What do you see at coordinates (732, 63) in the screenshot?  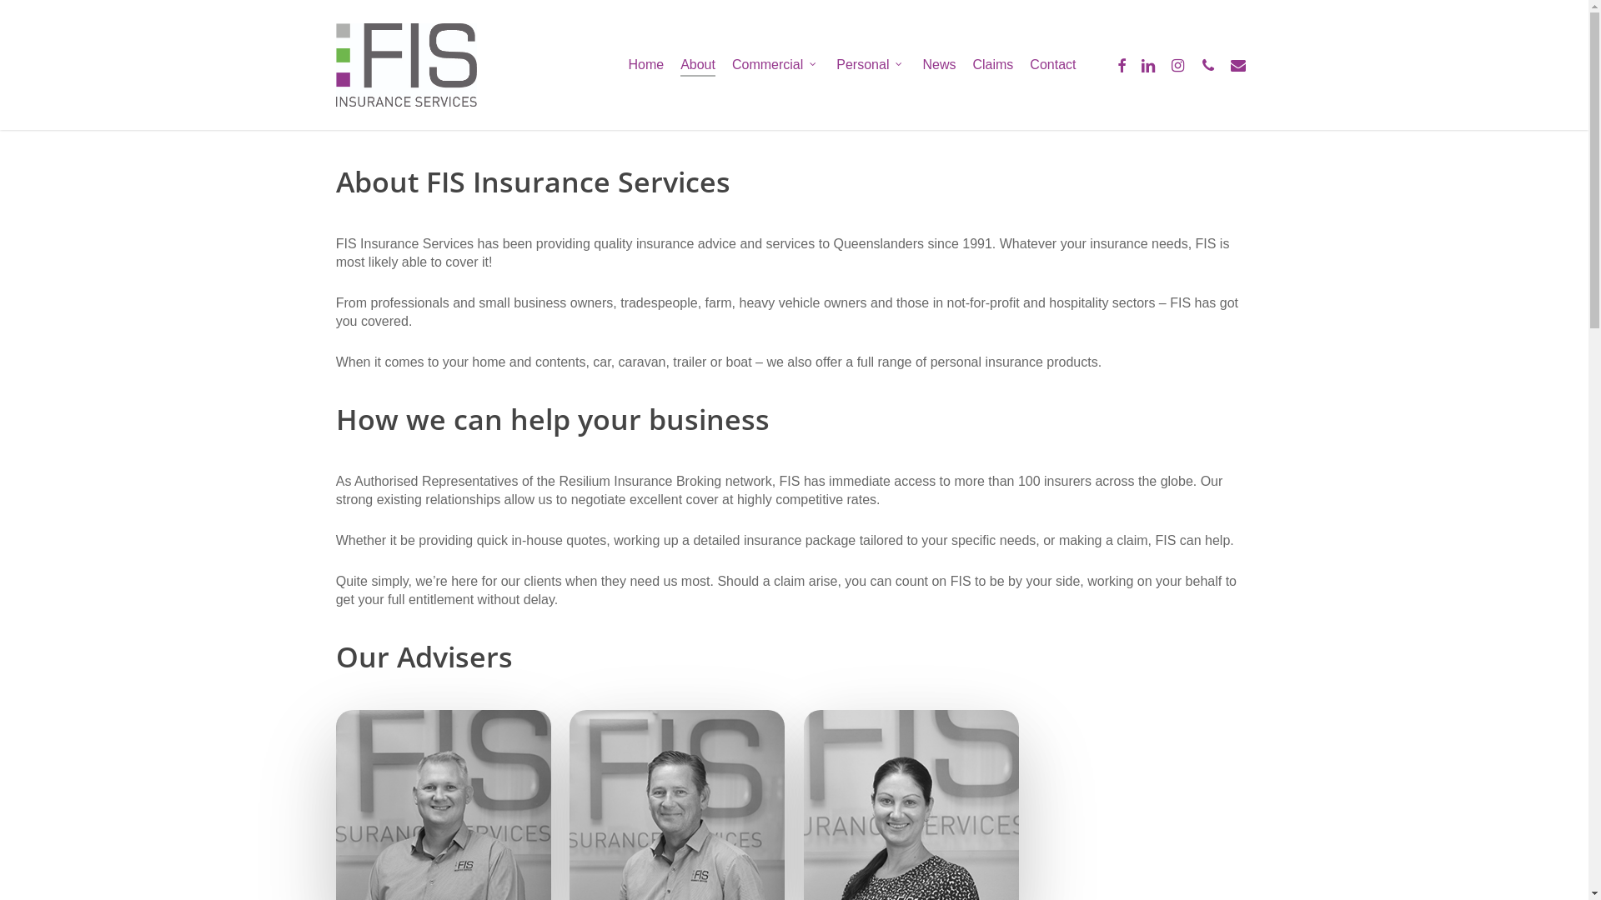 I see `'Commercial'` at bounding box center [732, 63].